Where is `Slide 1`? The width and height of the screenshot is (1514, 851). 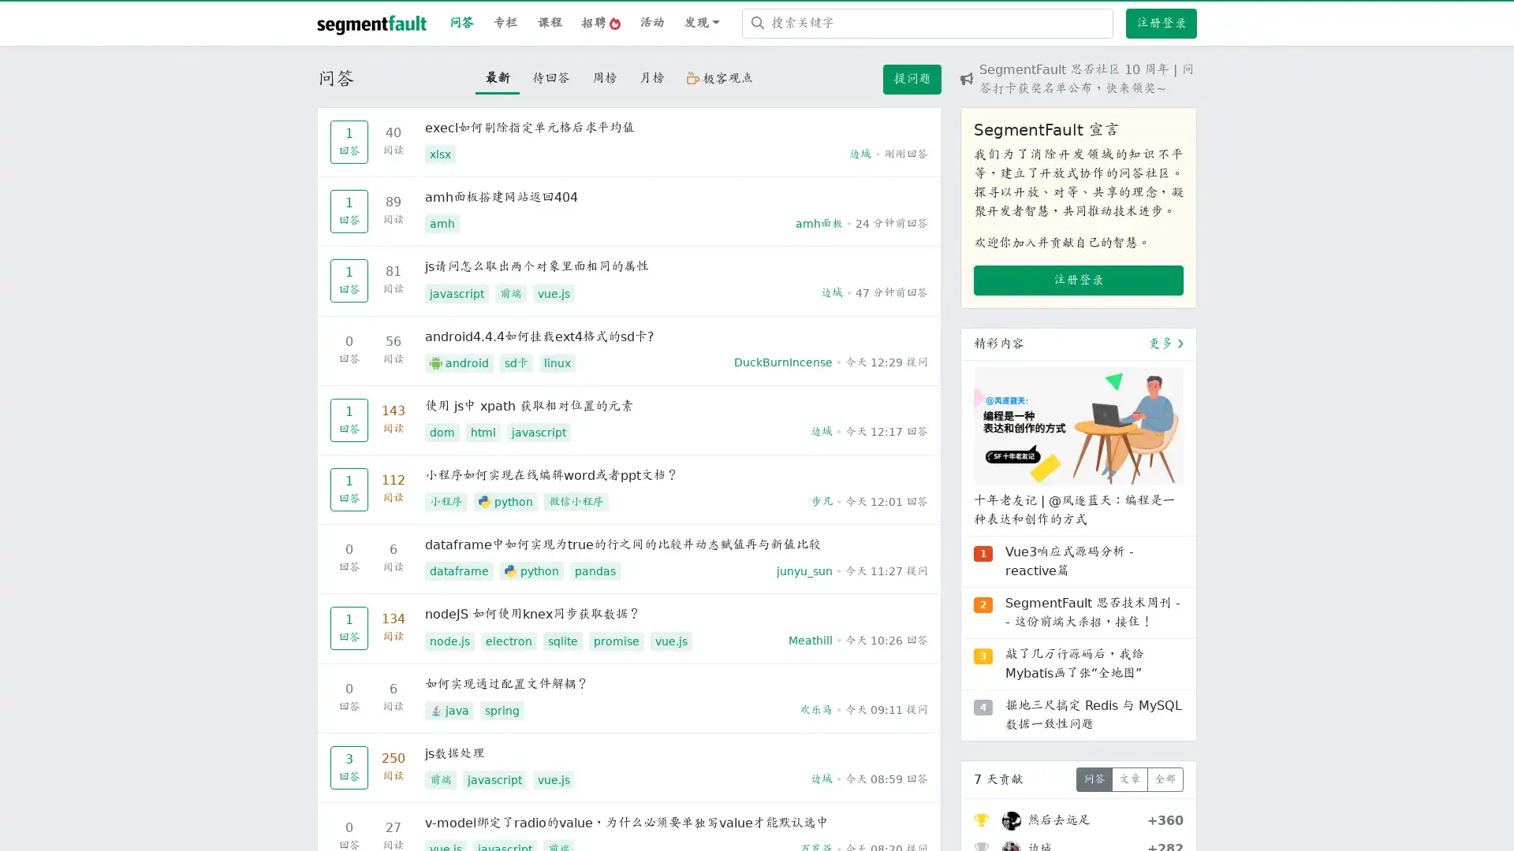 Slide 1 is located at coordinates (1050, 651).